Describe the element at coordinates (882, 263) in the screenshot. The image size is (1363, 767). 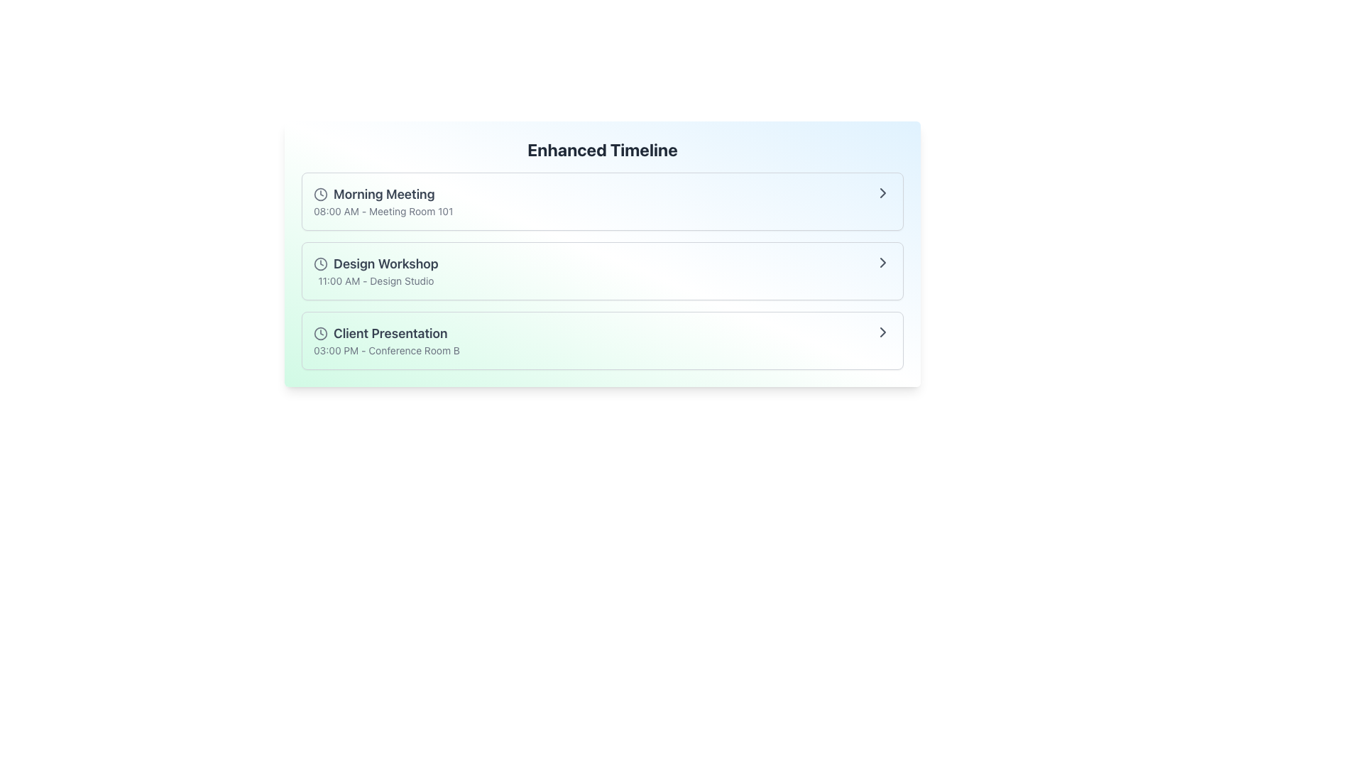
I see `the rightmost button in the 'Design Workshop' entry of the timeline interface` at that location.